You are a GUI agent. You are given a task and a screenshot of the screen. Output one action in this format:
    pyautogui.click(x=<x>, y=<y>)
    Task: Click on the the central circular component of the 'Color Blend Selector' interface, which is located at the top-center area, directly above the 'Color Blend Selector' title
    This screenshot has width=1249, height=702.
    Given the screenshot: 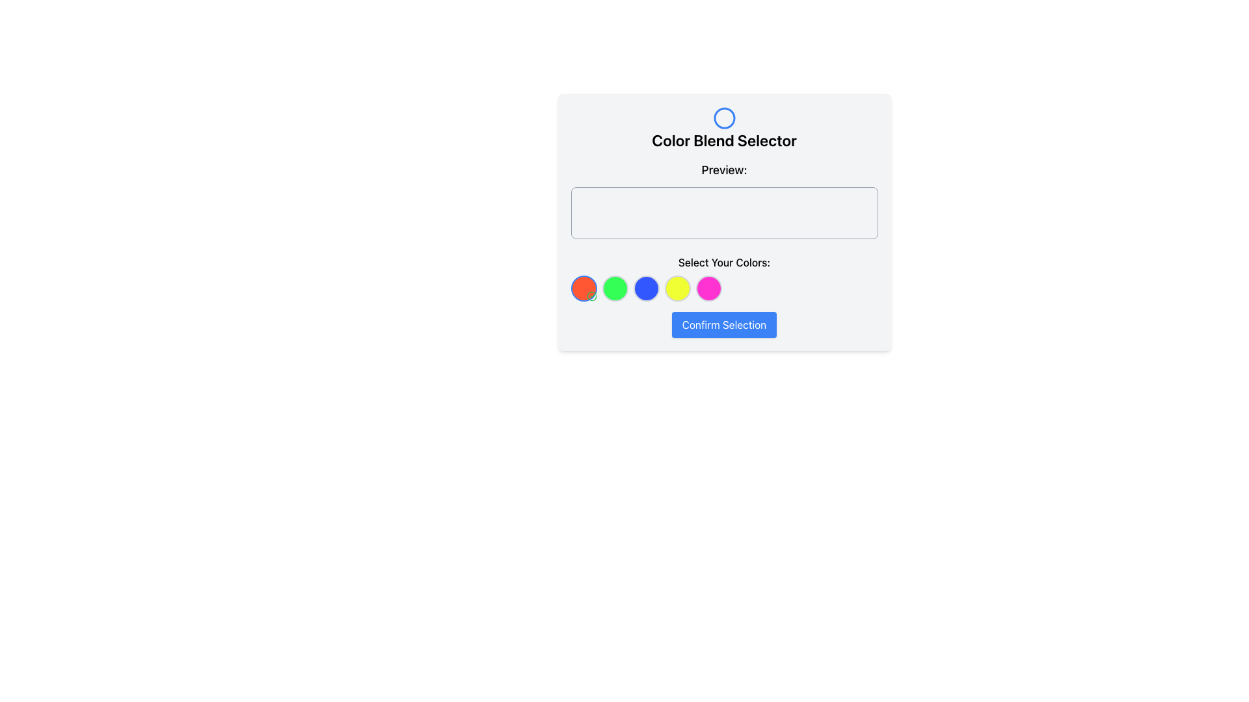 What is the action you would take?
    pyautogui.click(x=723, y=118)
    